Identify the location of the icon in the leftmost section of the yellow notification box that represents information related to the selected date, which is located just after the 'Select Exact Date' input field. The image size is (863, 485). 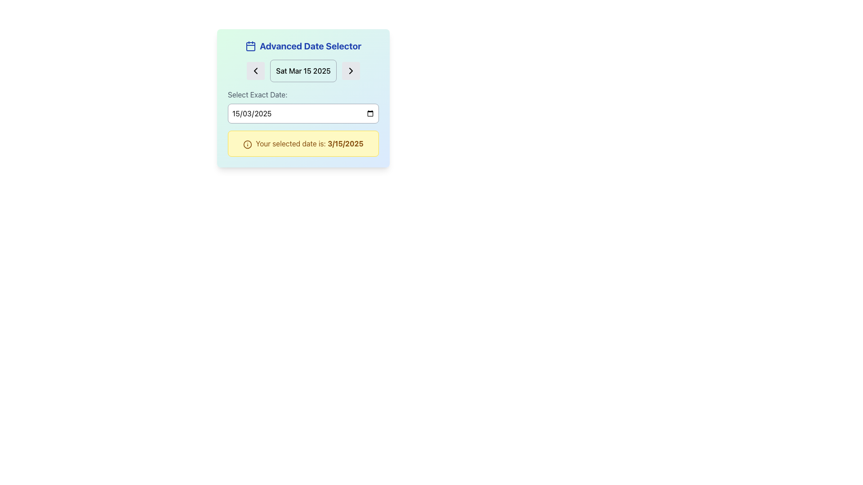
(248, 144).